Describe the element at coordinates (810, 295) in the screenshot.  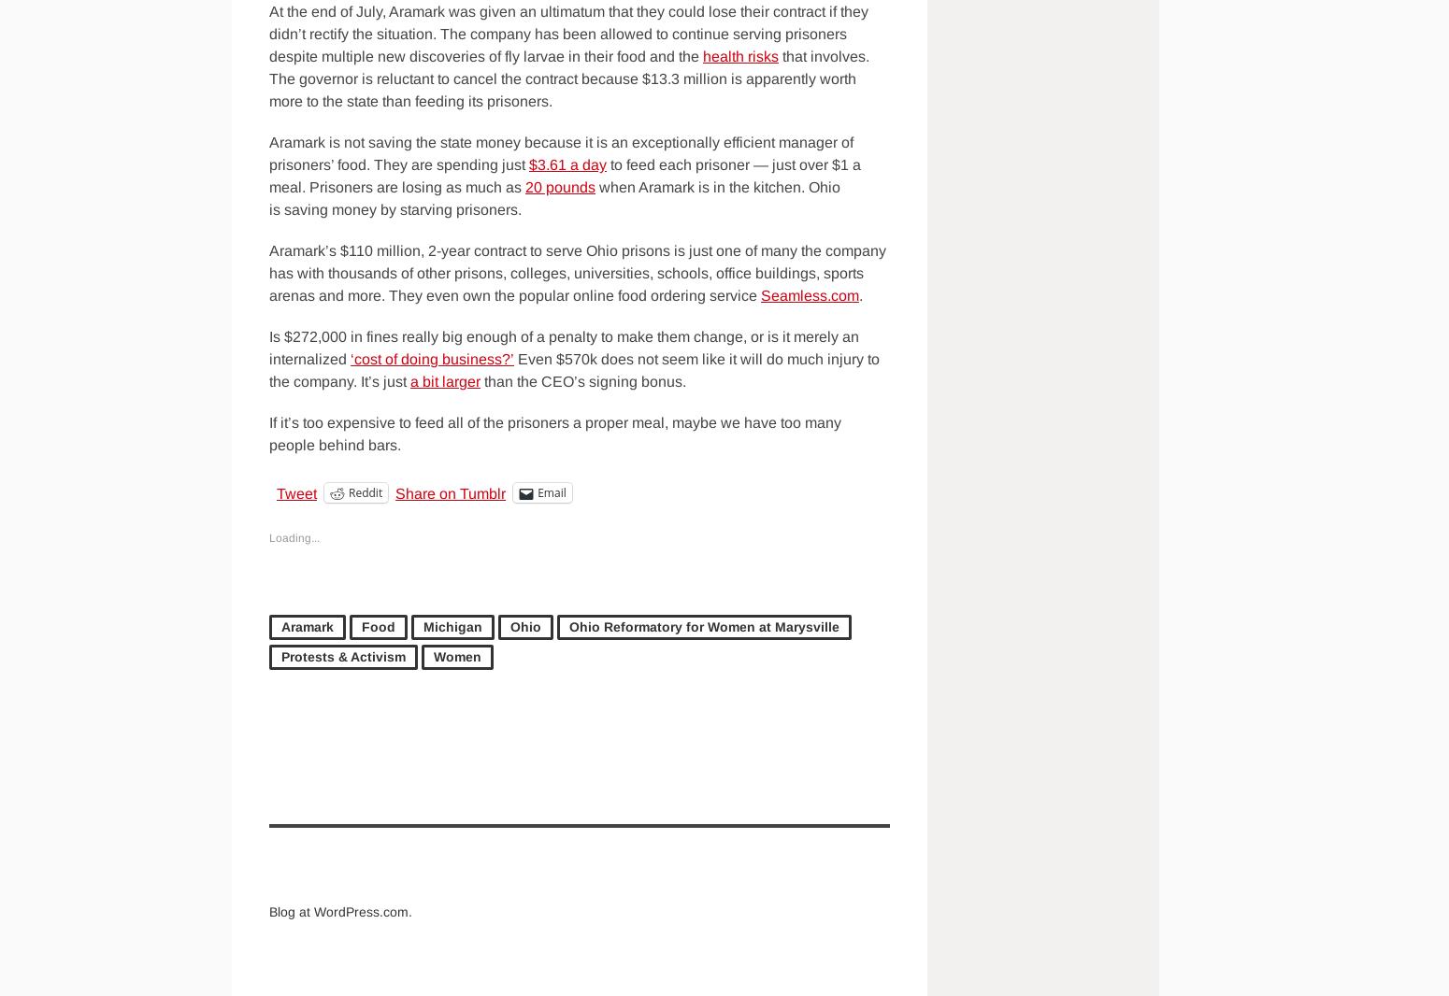
I see `'Seamless.com'` at that location.